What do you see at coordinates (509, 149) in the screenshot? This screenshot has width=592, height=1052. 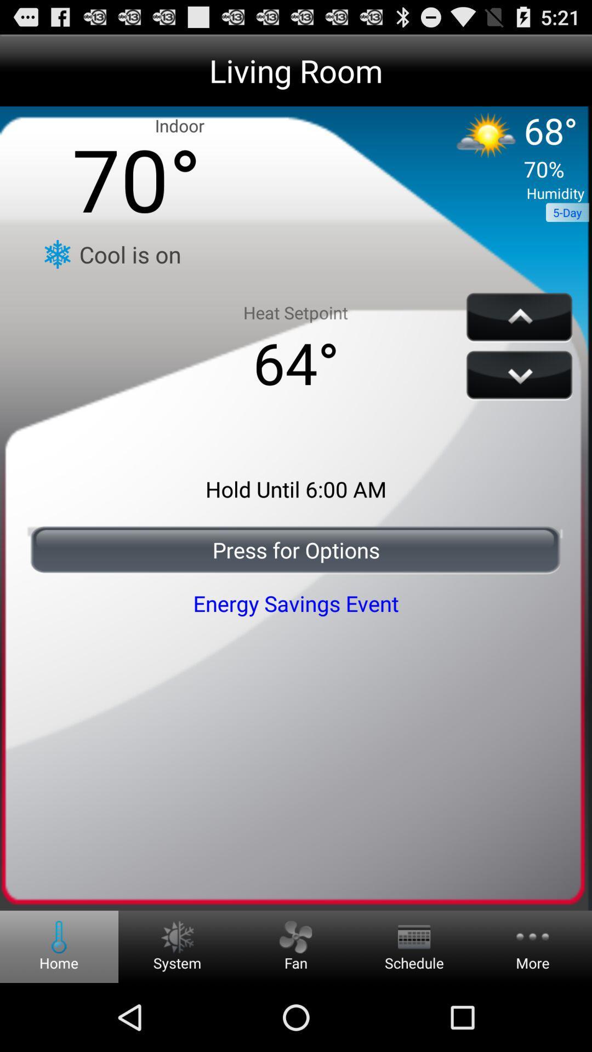 I see `the icon to the right of the indoor item` at bounding box center [509, 149].